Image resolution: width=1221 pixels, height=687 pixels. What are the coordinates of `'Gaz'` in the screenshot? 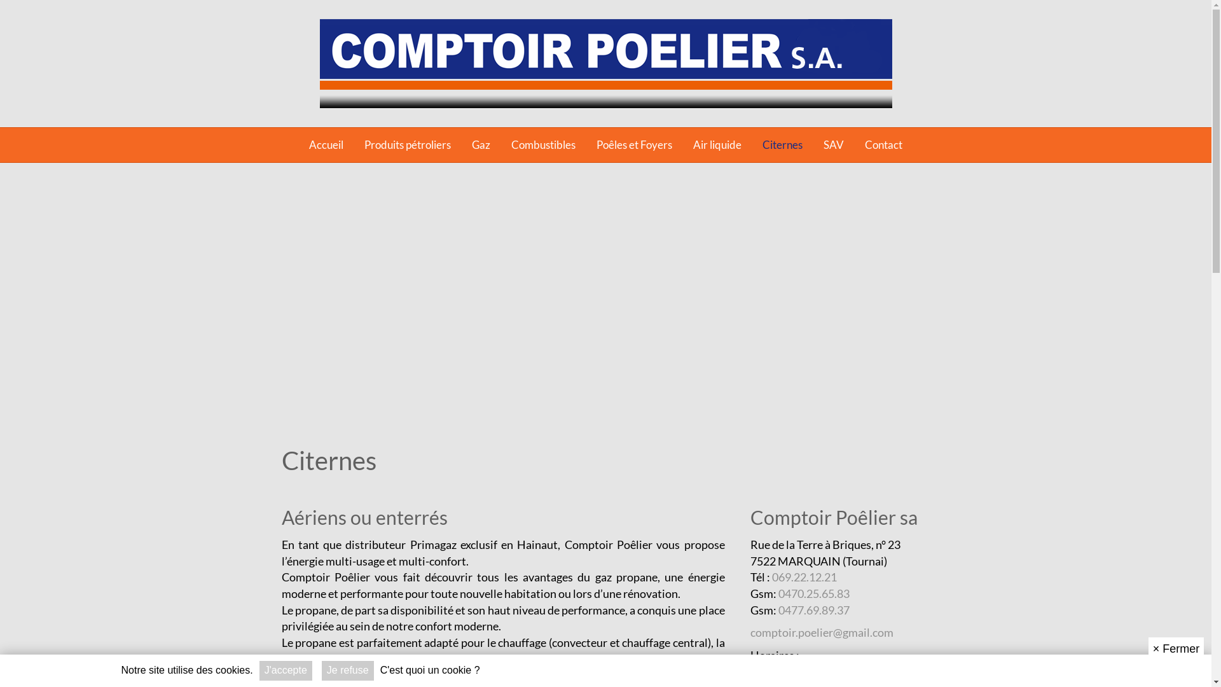 It's located at (480, 144).